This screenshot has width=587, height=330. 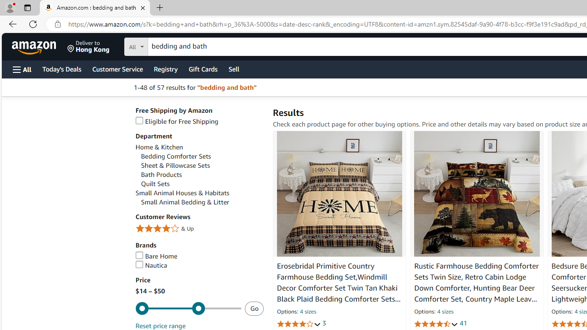 I want to click on 'Search in', so click(x=170, y=45).